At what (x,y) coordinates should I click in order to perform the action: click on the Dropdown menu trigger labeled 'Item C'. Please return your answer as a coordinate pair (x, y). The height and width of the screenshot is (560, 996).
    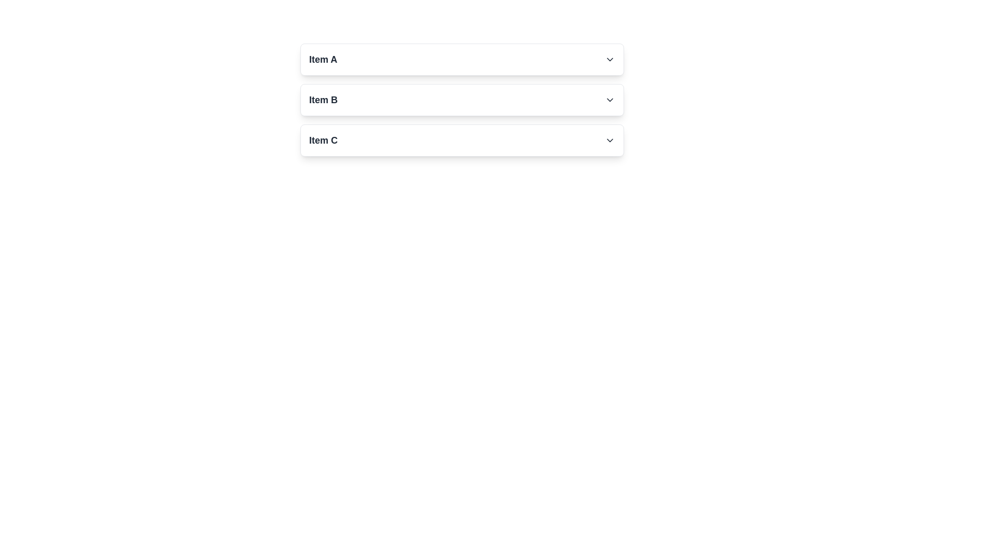
    Looking at the image, I should click on (462, 140).